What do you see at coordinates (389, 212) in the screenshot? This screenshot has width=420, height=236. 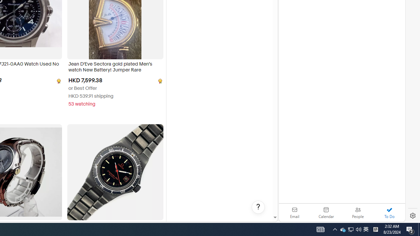 I see `'To Do'` at bounding box center [389, 212].